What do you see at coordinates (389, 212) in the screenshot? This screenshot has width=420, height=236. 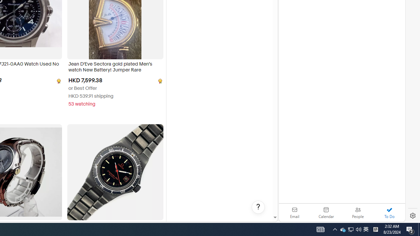 I see `'To Do'` at bounding box center [389, 212].